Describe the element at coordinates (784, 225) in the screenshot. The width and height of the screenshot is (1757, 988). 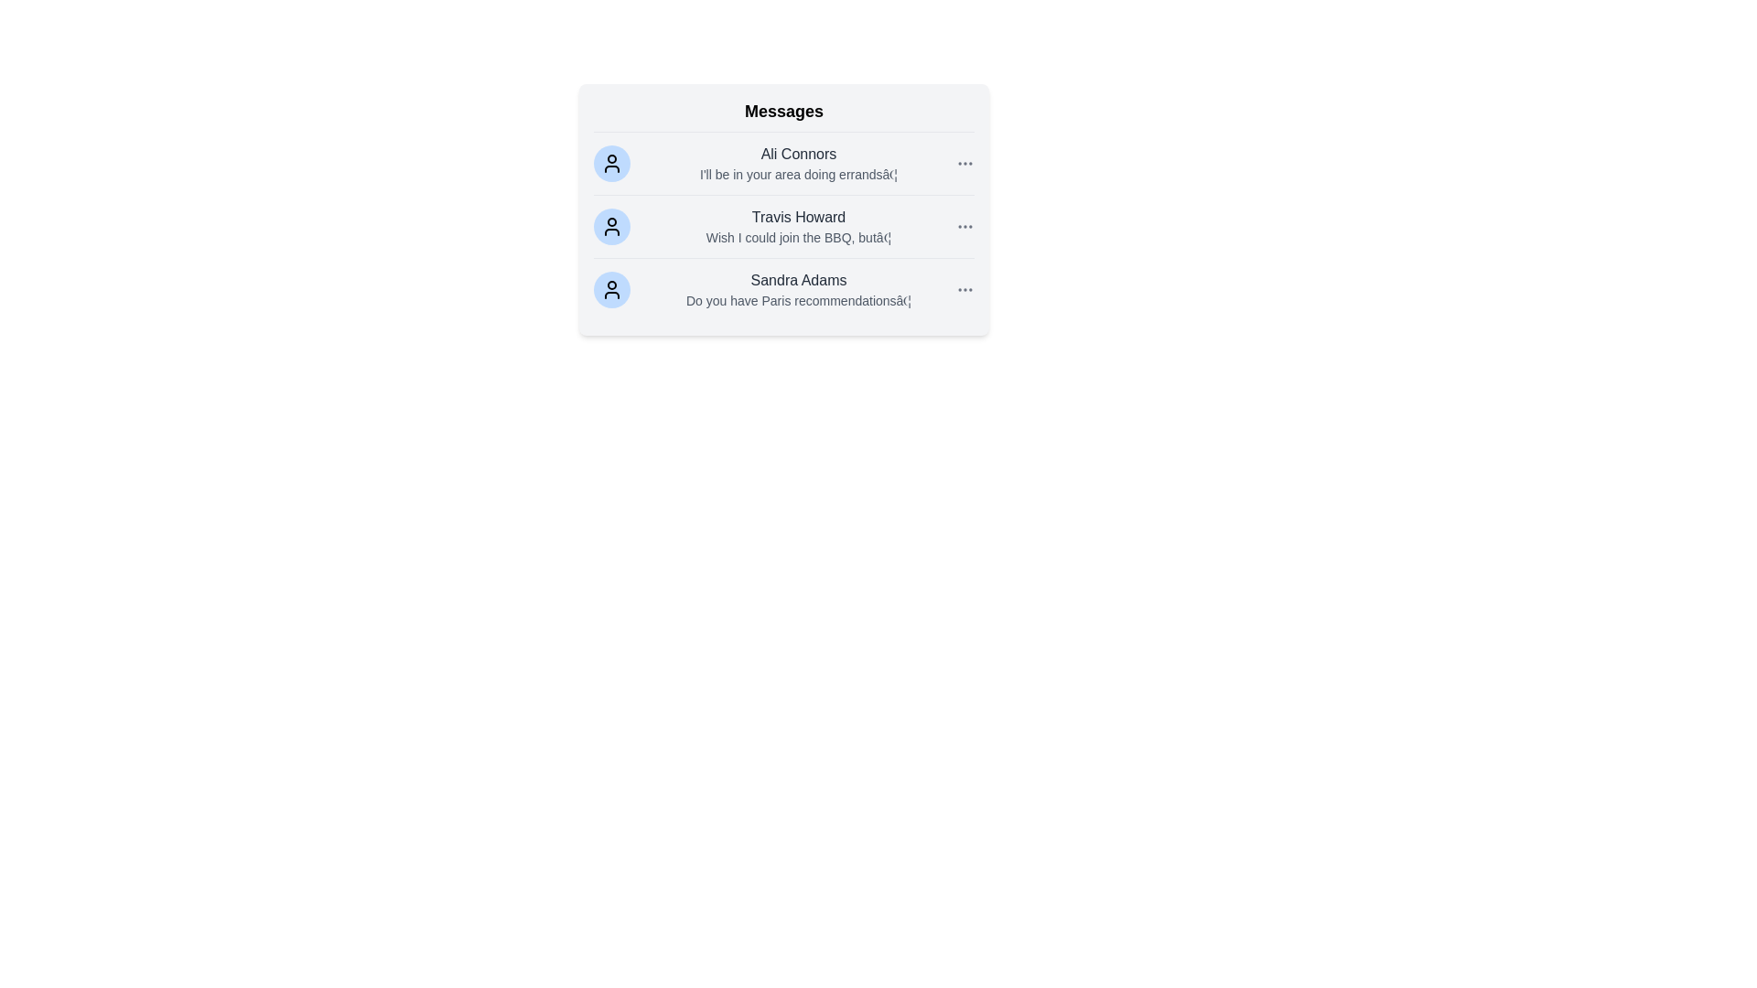
I see `the messages displayed in the List Component within the 'Messages' card, which contains three rows of contact names and messages` at that location.